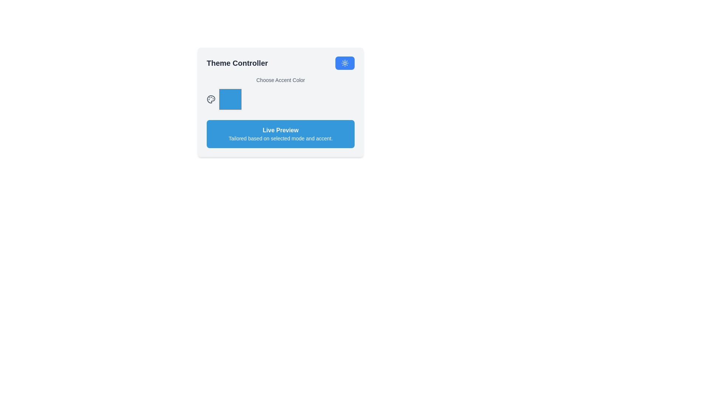  Describe the element at coordinates (280, 134) in the screenshot. I see `the informational box with a blue background containing the text 'Live Preview' and 'Tailored based on selected mode and accent.'` at that location.